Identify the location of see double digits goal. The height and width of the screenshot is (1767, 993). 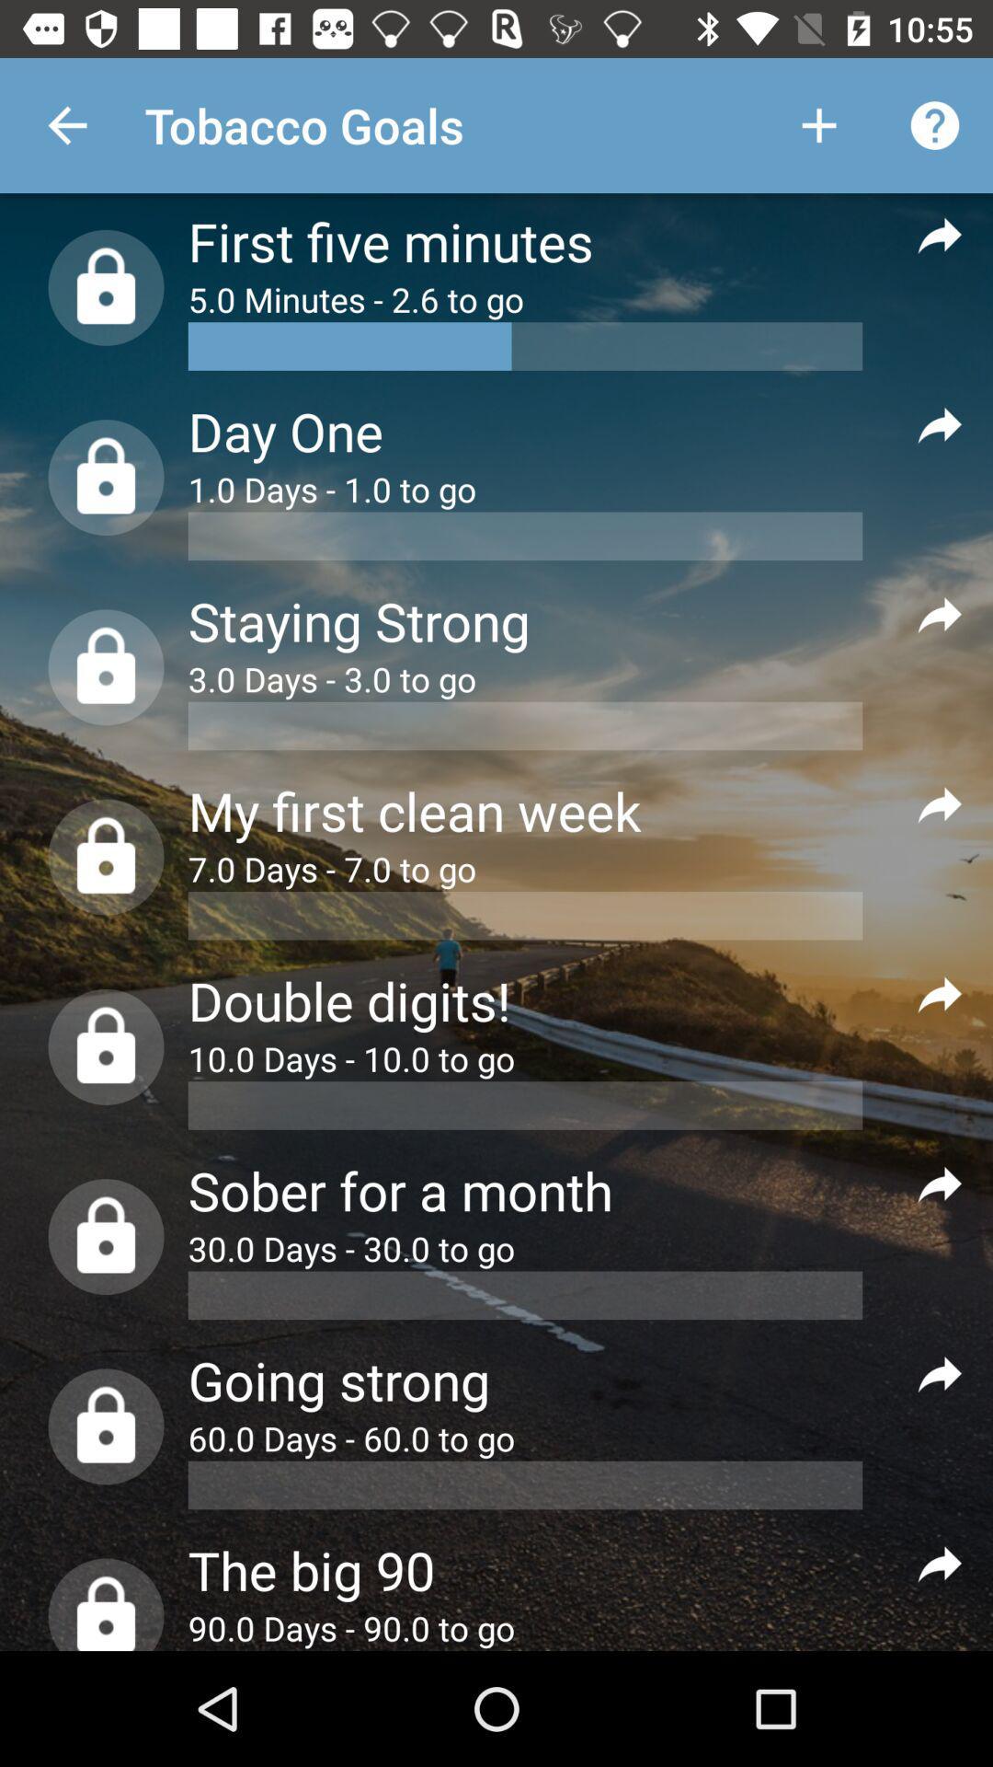
(940, 993).